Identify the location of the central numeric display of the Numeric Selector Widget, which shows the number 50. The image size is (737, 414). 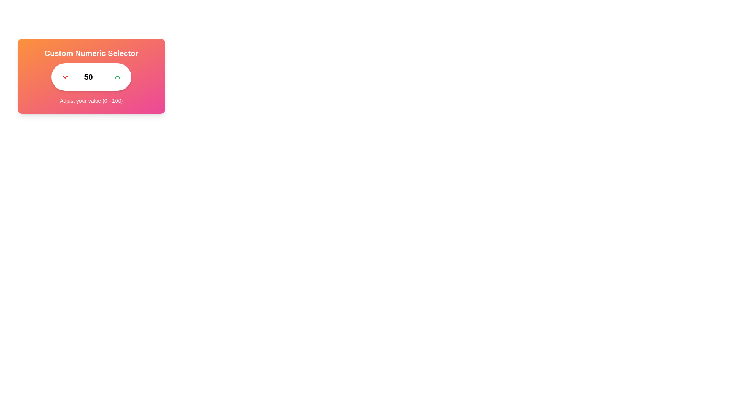
(91, 77).